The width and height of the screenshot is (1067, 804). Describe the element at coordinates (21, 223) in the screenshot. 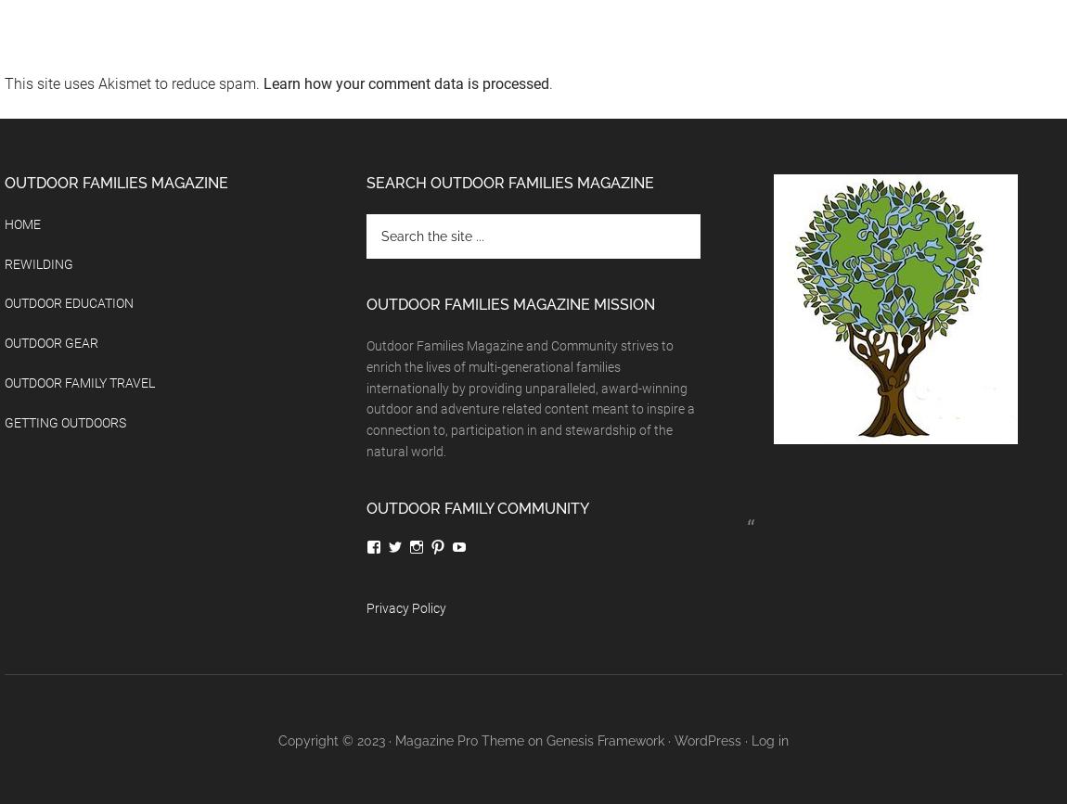

I see `'HOME'` at that location.